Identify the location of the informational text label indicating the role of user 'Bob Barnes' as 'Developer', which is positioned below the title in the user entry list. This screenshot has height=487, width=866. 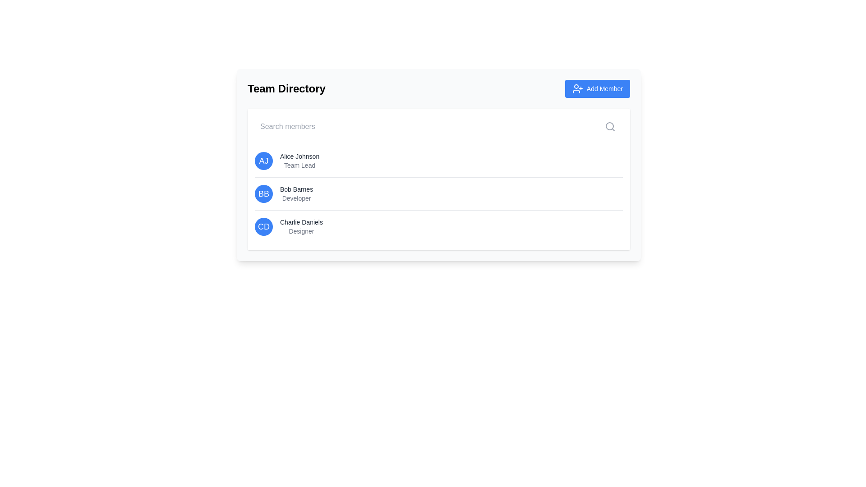
(296, 198).